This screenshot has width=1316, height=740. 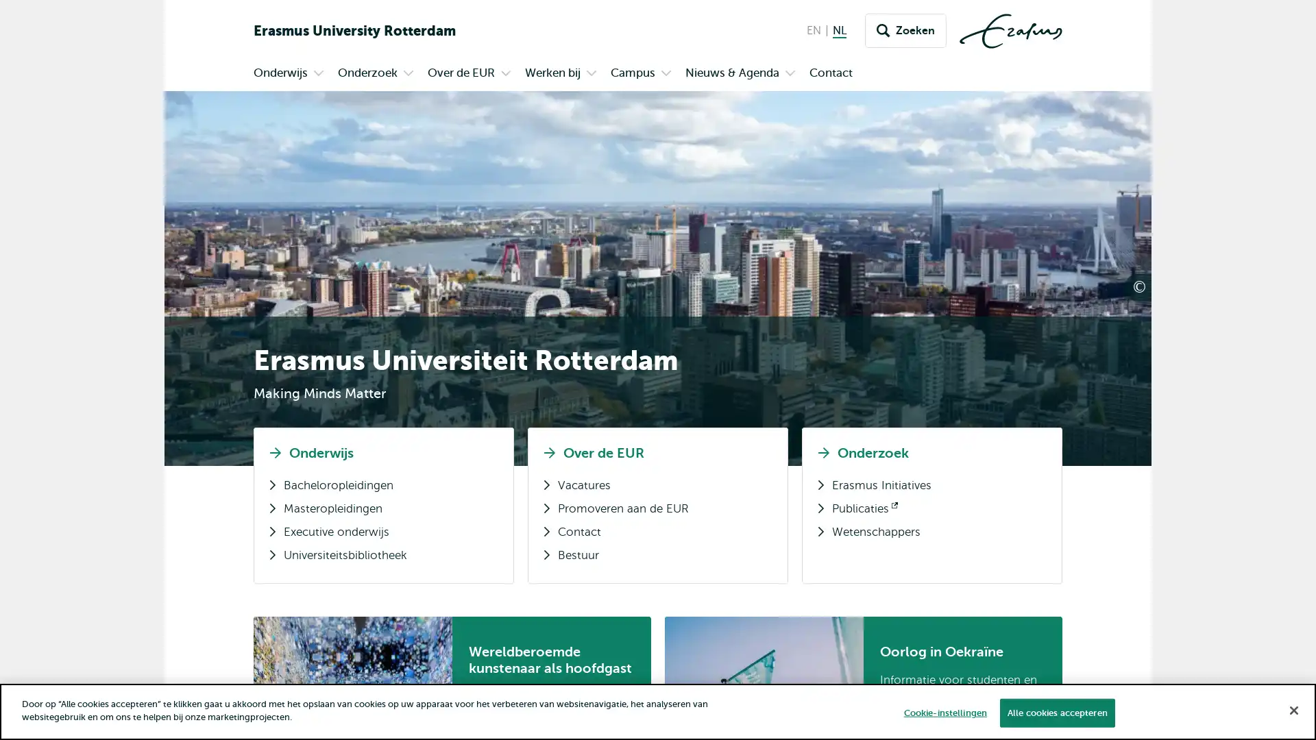 I want to click on Open submenu, so click(x=666, y=74).